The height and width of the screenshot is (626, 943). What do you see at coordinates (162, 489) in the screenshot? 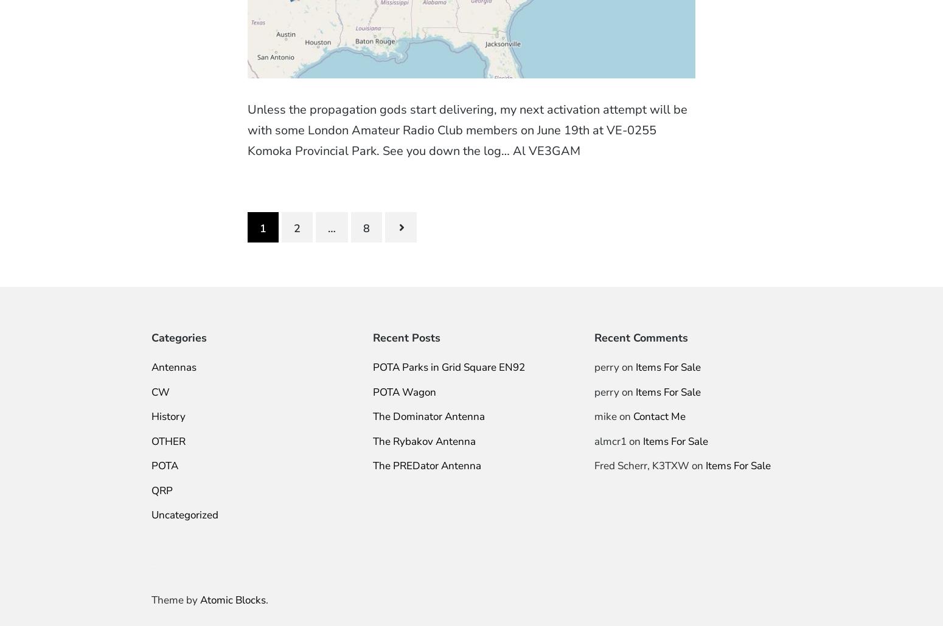
I see `'QRP'` at bounding box center [162, 489].